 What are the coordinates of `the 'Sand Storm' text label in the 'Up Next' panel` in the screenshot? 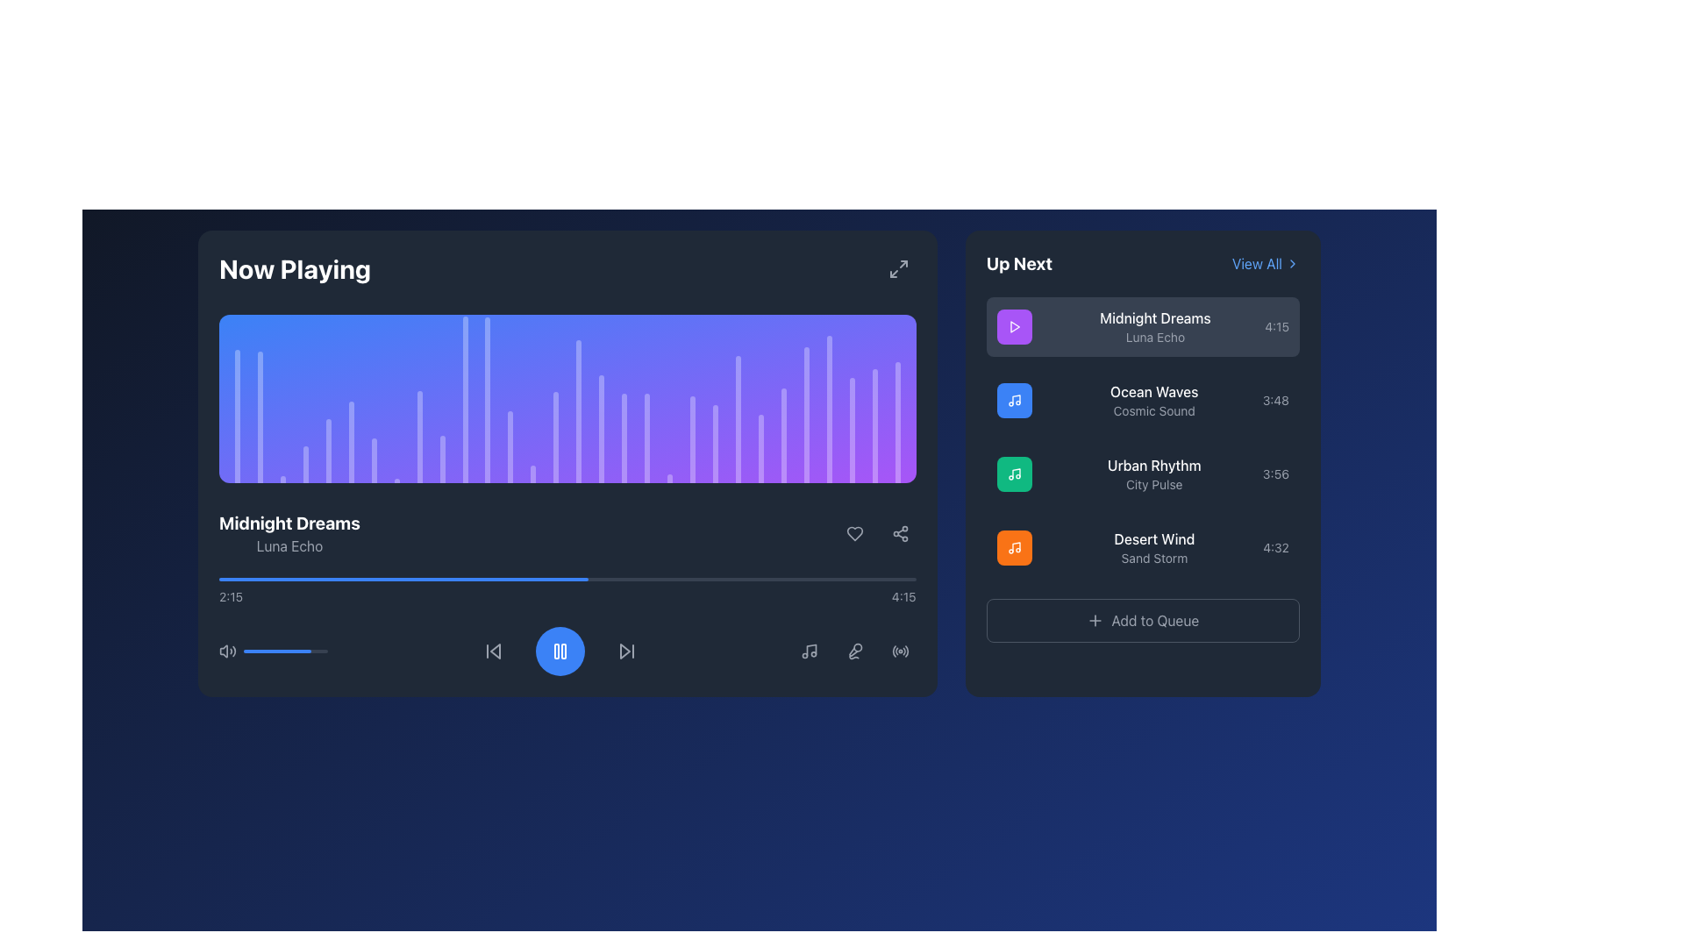 It's located at (1154, 558).